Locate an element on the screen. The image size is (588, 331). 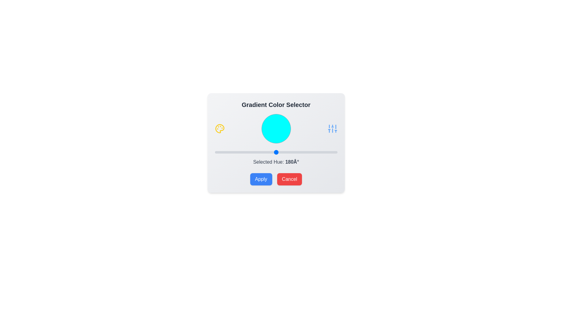
the slider to set the hue value to 330° is located at coordinates (327, 152).